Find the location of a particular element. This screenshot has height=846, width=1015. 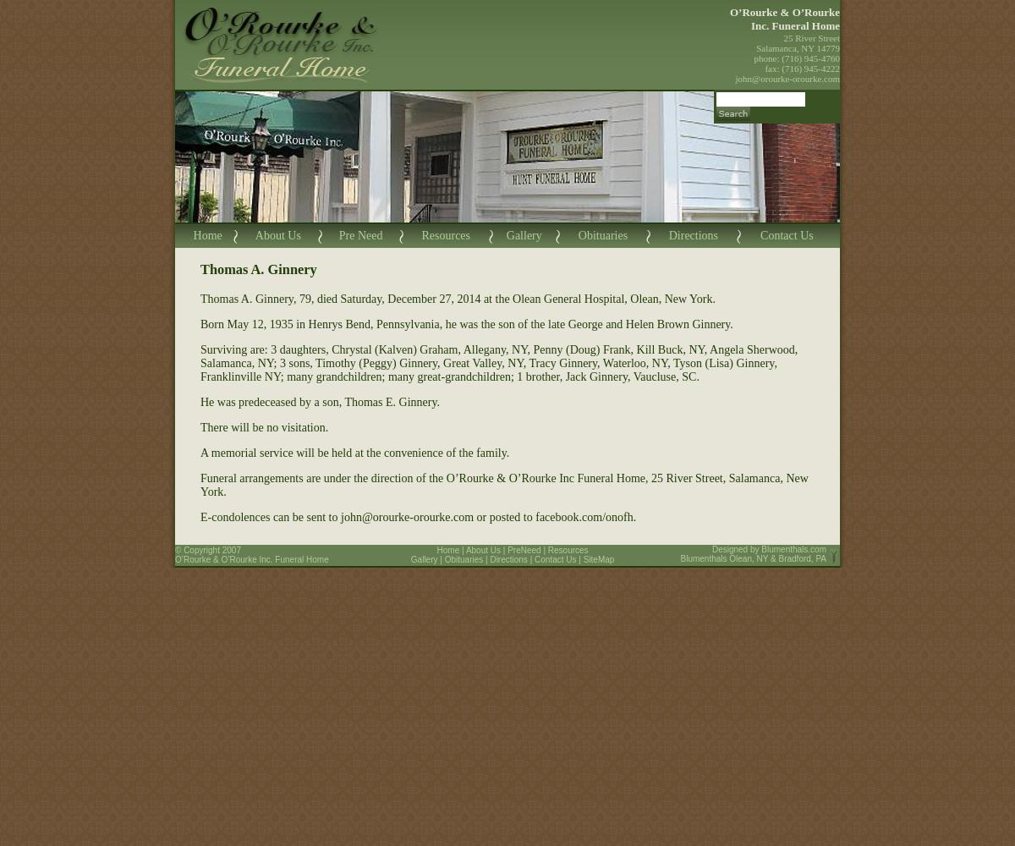

'Salamanca, NY  14779' is located at coordinates (798, 48).